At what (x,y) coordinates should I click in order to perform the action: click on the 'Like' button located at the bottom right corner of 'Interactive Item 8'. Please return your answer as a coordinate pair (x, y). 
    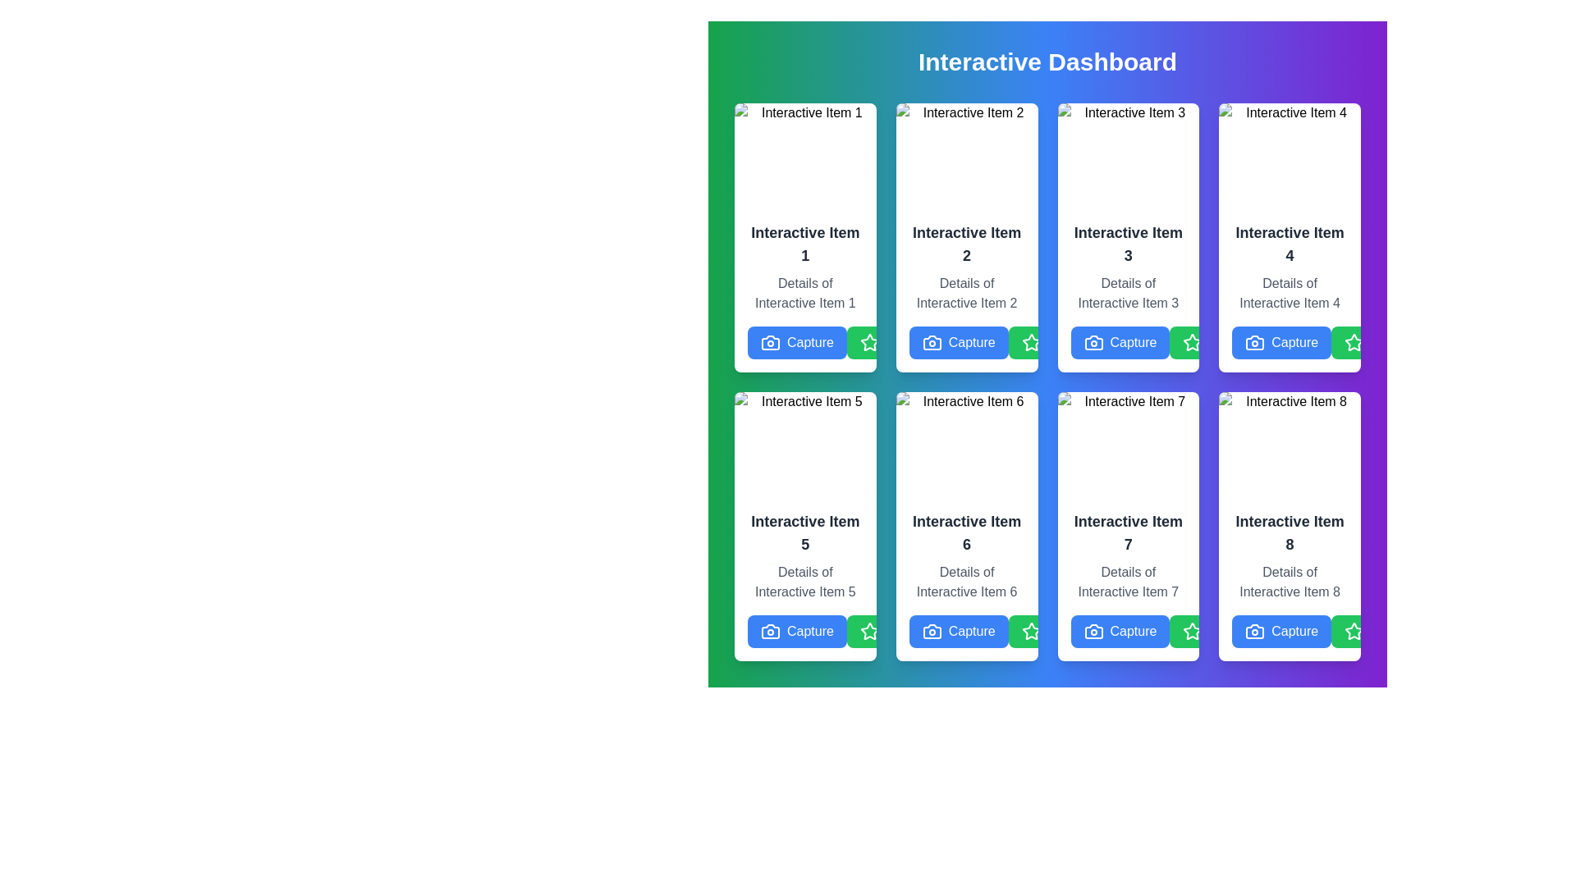
    Looking at the image, I should click on (1146, 631).